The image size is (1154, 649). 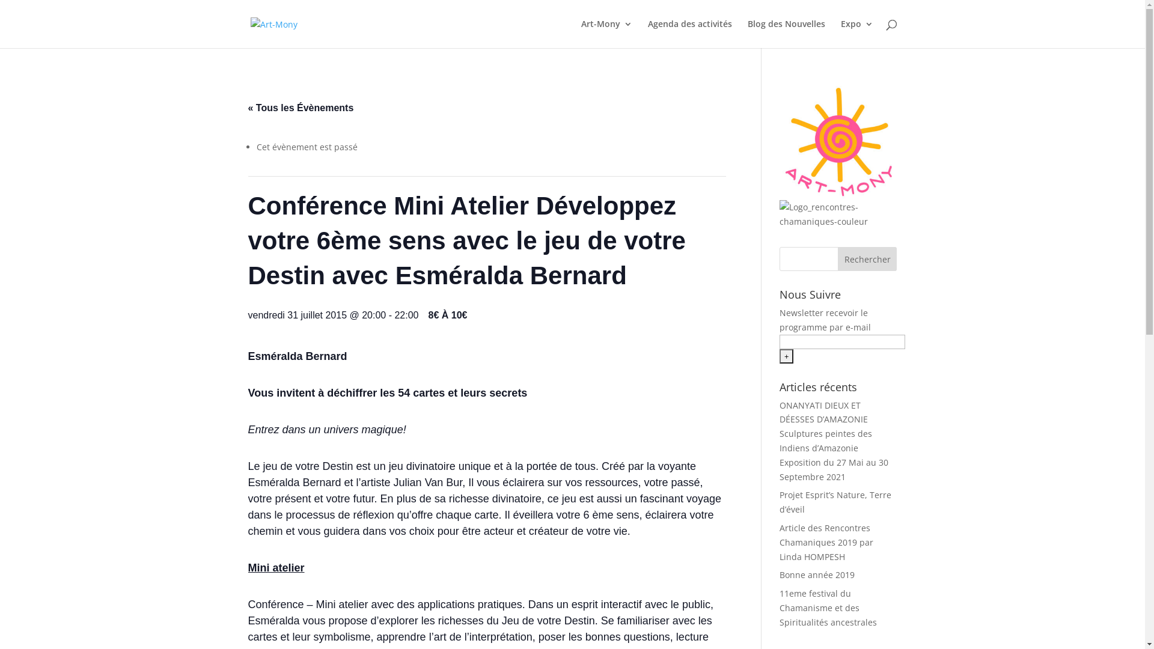 What do you see at coordinates (786, 356) in the screenshot?
I see `'+'` at bounding box center [786, 356].